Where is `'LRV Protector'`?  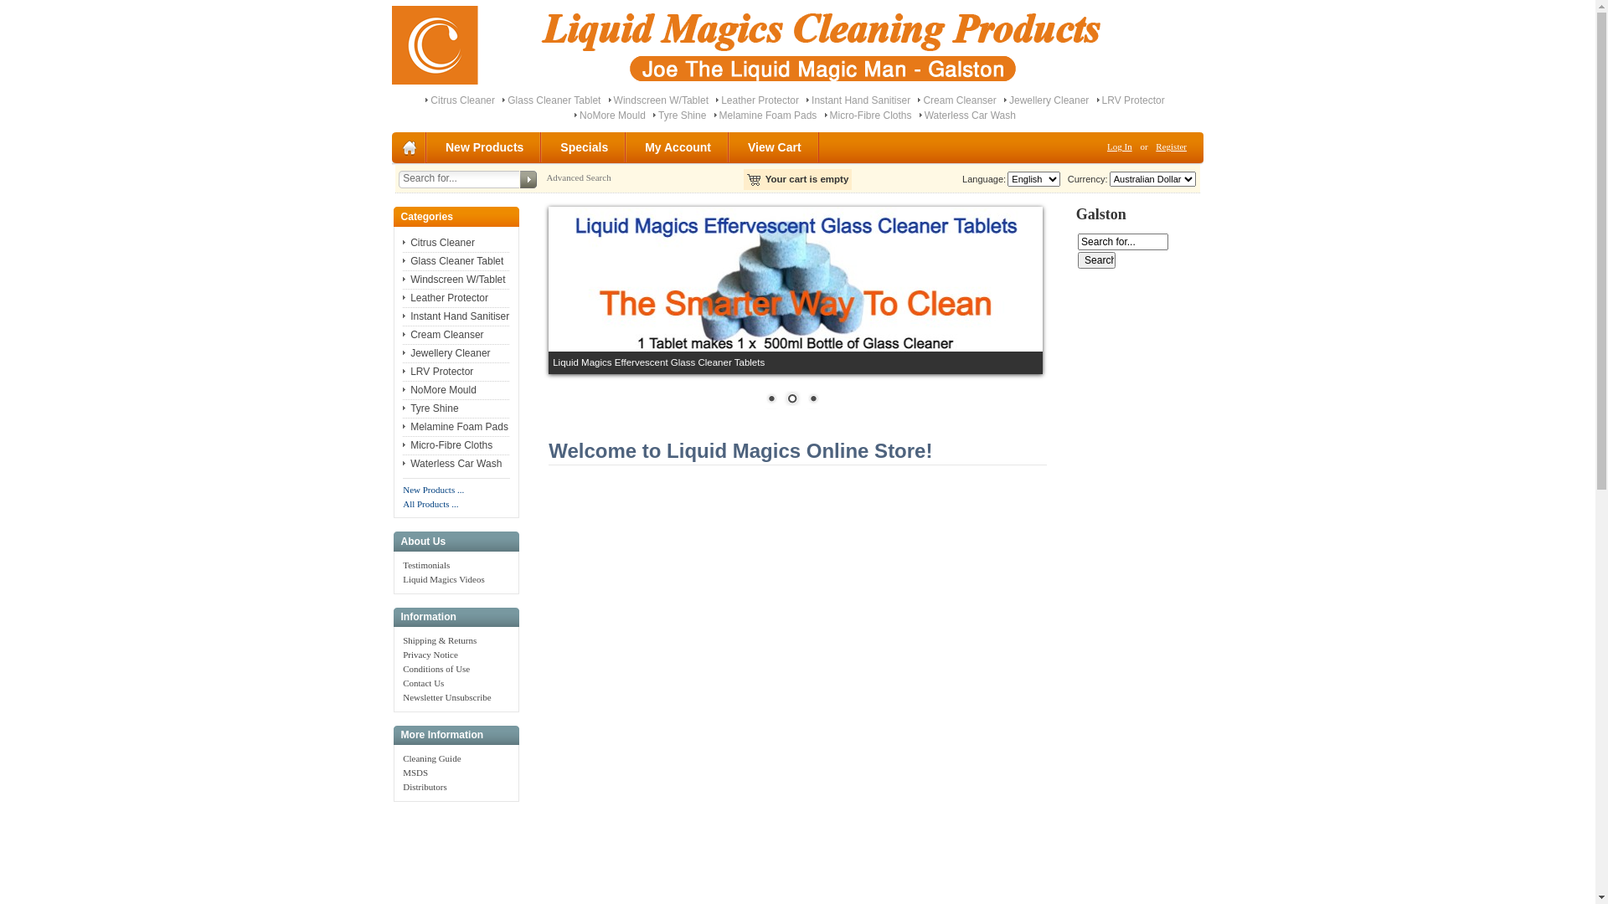
'LRV Protector' is located at coordinates (438, 370).